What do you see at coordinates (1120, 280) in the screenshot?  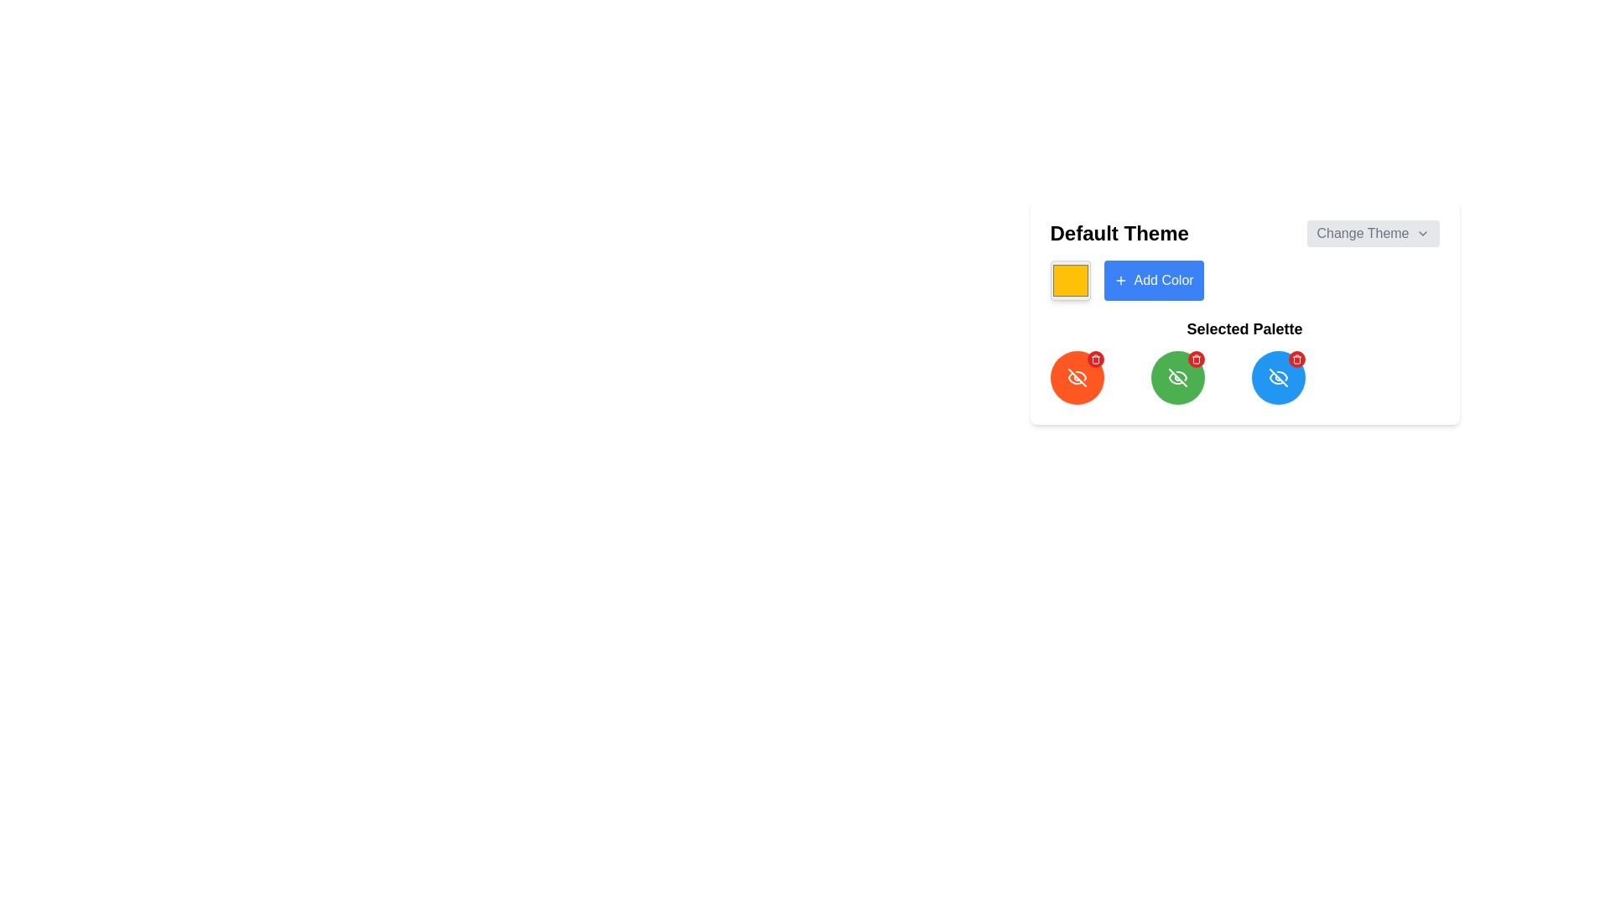 I see `the decorative plus icon within the 'Add Color' button, which is located in the 'Default Theme' section of the interface` at bounding box center [1120, 280].